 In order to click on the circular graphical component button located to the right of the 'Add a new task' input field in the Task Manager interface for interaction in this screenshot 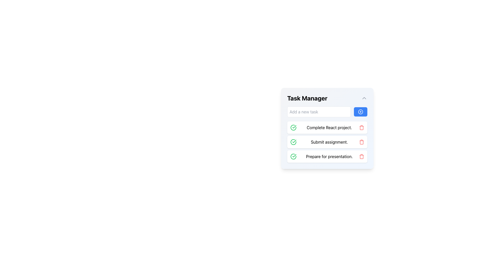, I will do `click(360, 111)`.